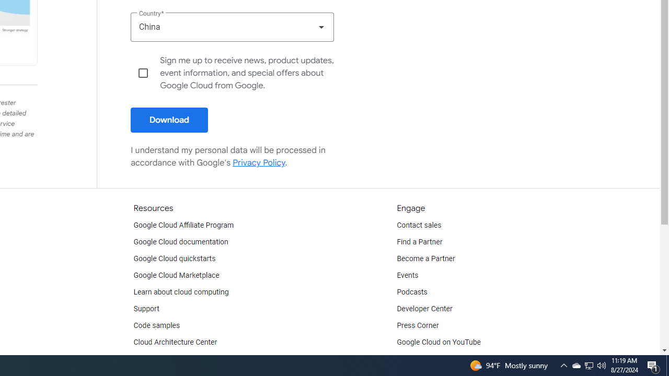  Describe the element at coordinates (181, 292) in the screenshot. I see `'Learn about cloud computing'` at that location.